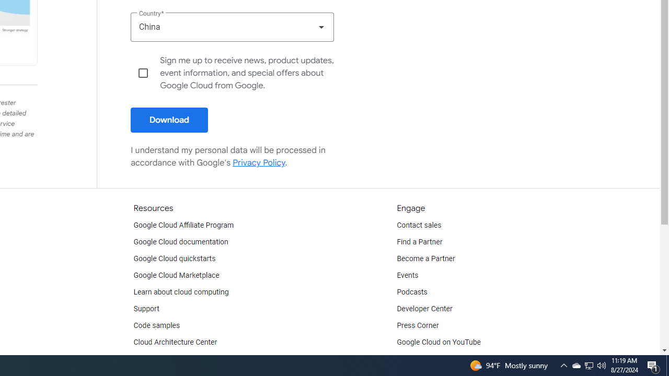  Describe the element at coordinates (181, 292) in the screenshot. I see `'Learn about cloud computing'` at that location.